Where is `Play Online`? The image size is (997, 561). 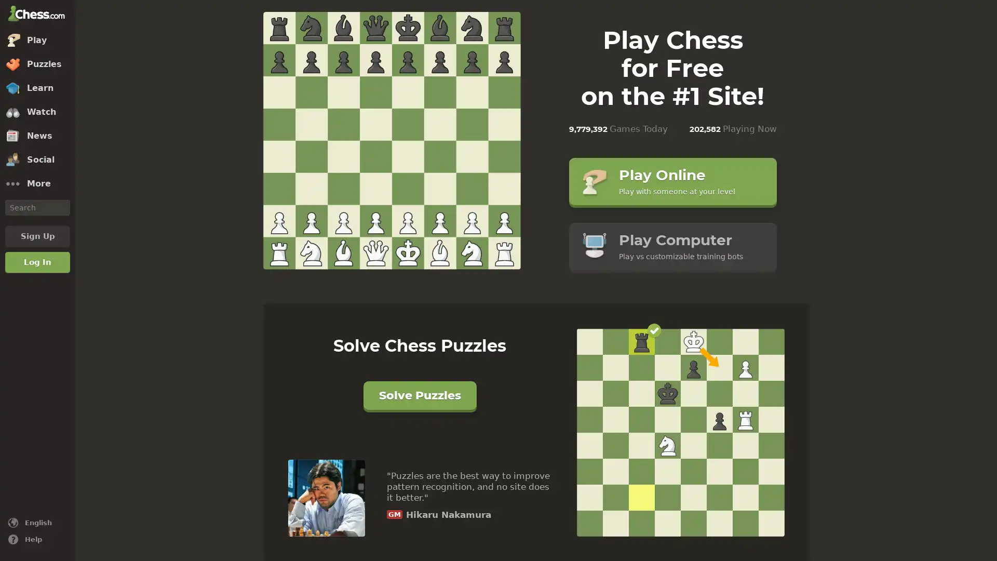 Play Online is located at coordinates (390, 141).